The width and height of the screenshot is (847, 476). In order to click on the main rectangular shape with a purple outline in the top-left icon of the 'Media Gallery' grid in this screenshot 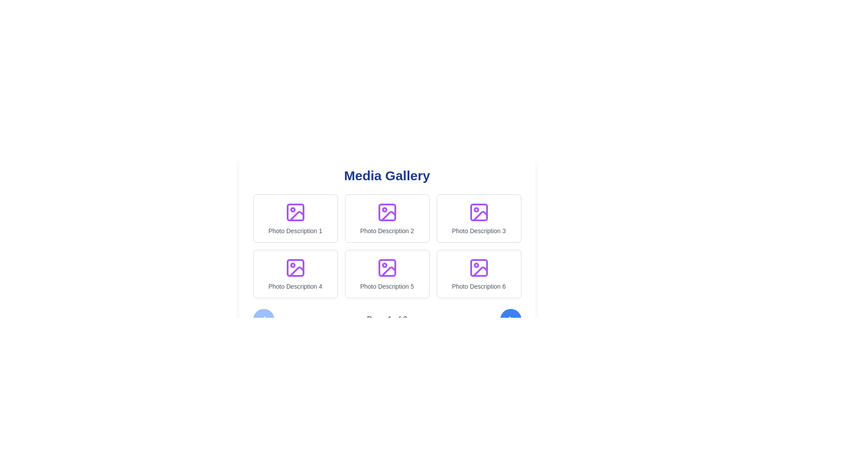, I will do `click(295, 212)`.